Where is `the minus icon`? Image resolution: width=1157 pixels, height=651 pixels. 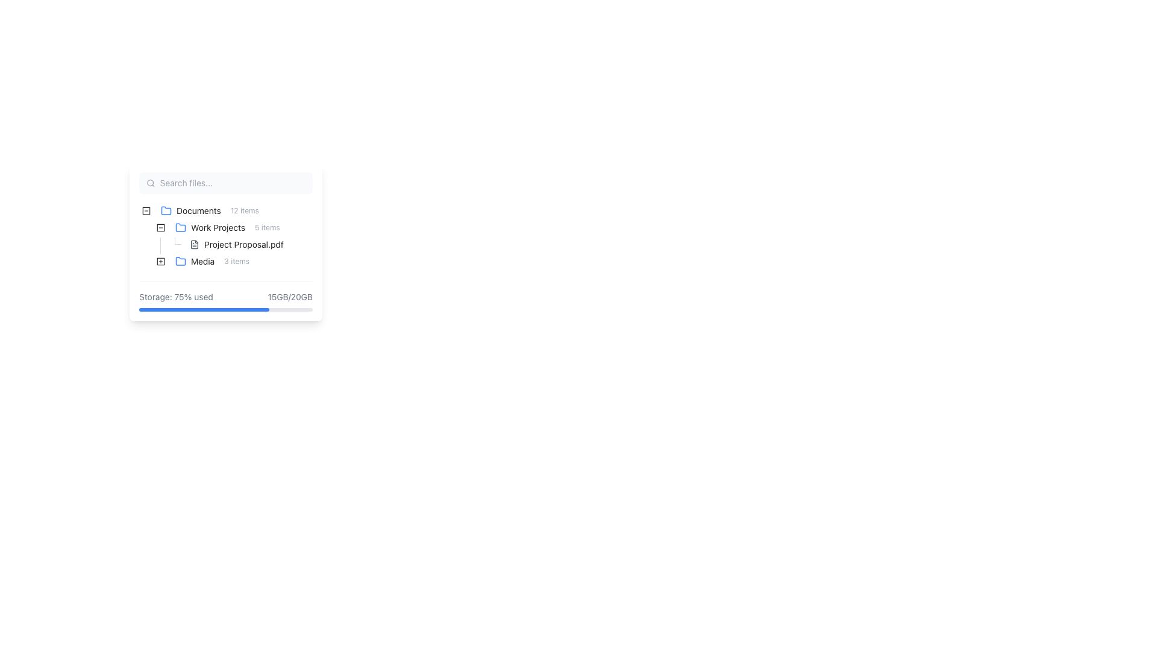
the minus icon is located at coordinates (160, 228).